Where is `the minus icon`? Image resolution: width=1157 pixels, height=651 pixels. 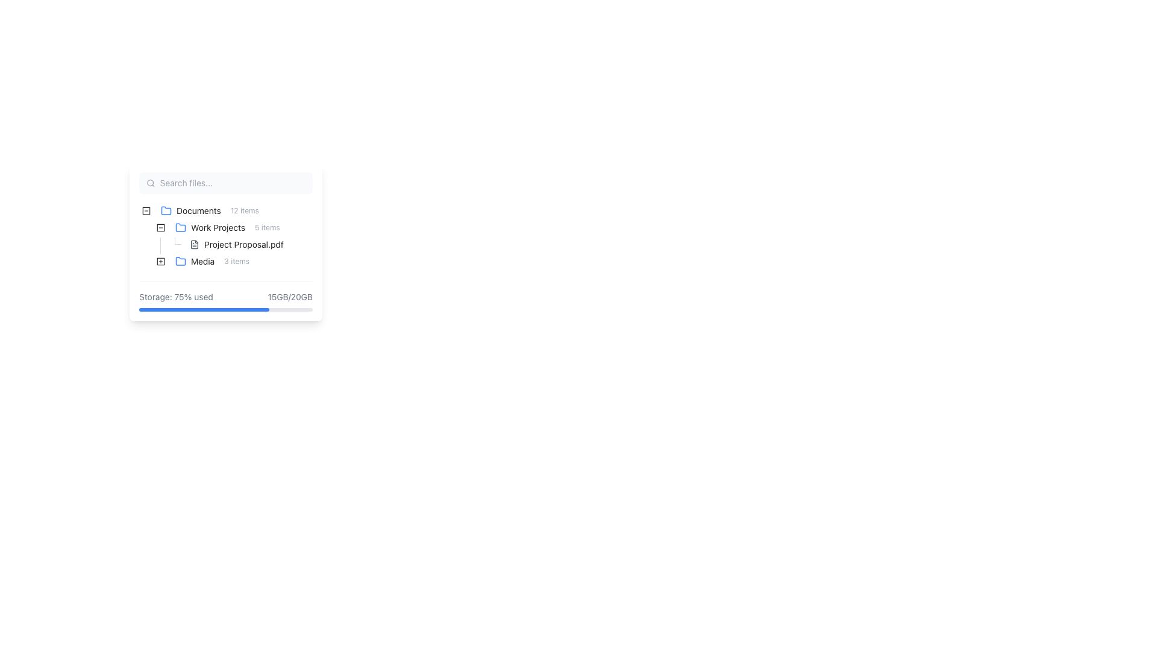
the minus icon is located at coordinates (160, 228).